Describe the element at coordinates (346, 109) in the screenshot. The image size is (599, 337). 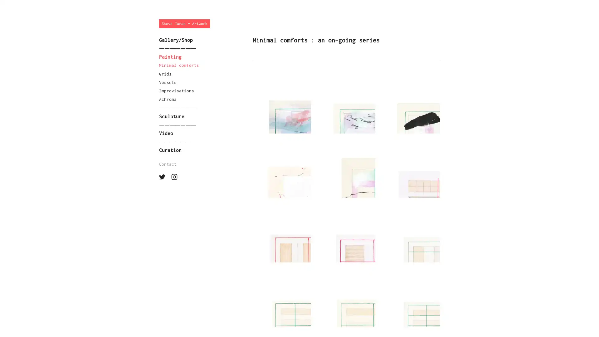
I see `View fullsize Gut feeling (01)` at that location.